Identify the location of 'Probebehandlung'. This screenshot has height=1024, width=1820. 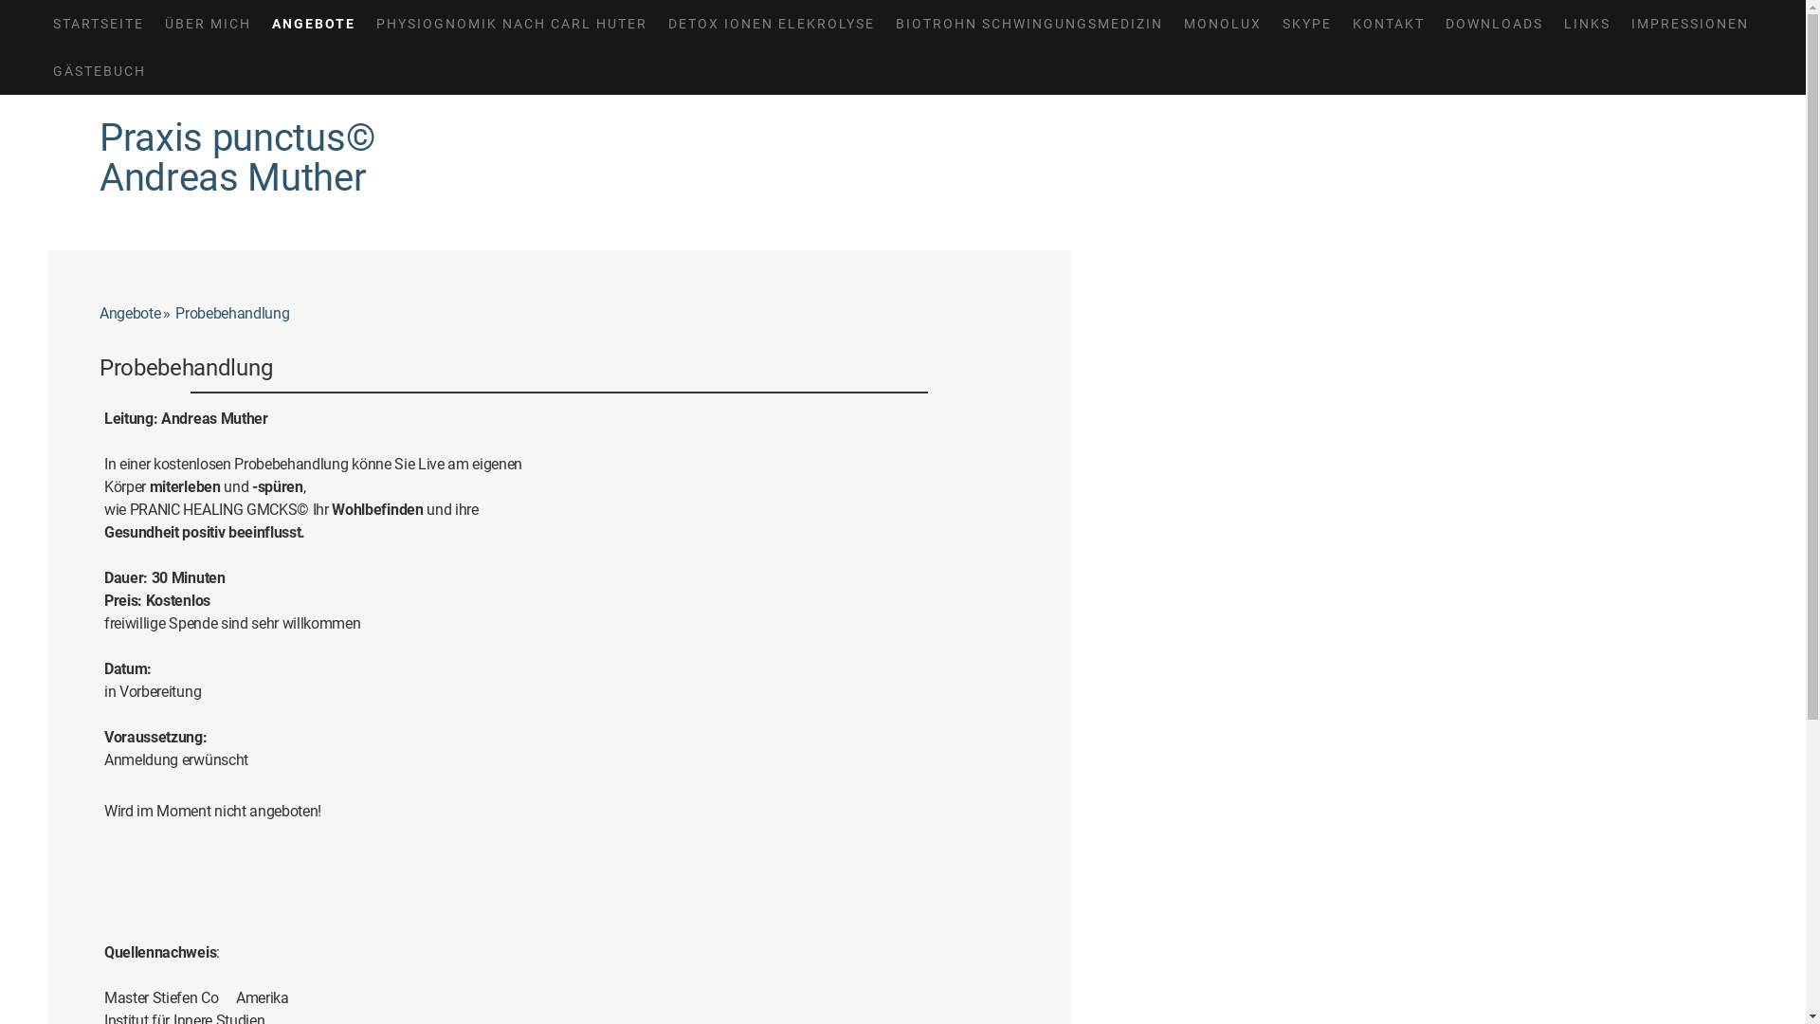
(235, 313).